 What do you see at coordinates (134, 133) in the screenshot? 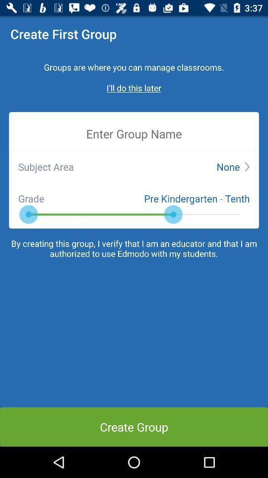
I see `group name entry box` at bounding box center [134, 133].